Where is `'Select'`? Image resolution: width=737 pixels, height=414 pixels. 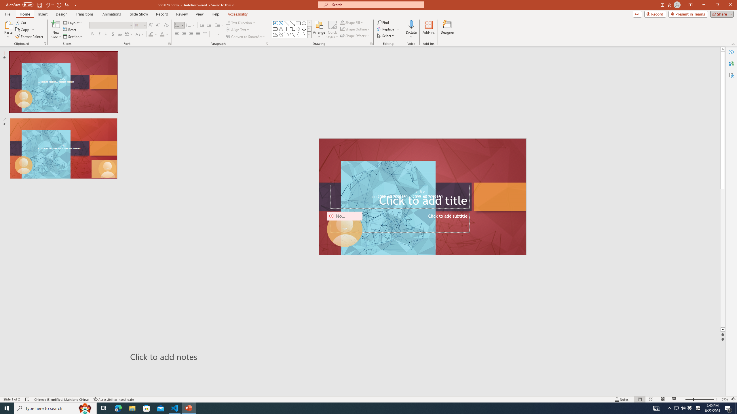
'Select' is located at coordinates (386, 35).